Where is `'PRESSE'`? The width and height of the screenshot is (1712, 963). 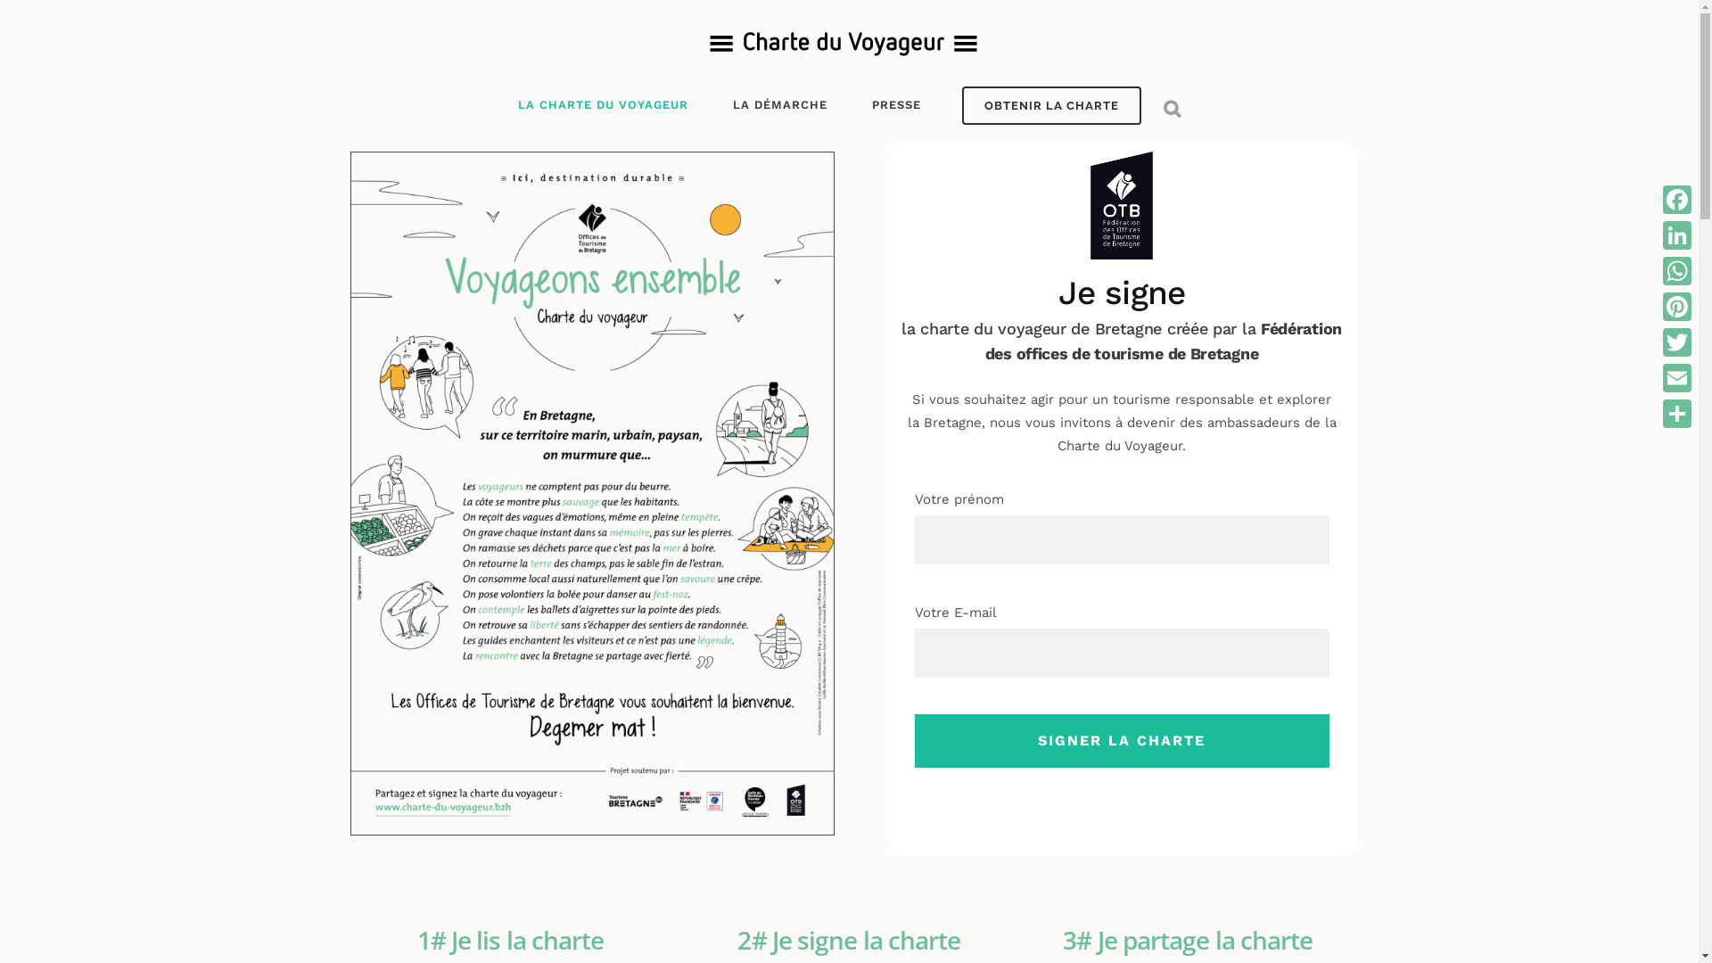
'PRESSE' is located at coordinates (895, 105).